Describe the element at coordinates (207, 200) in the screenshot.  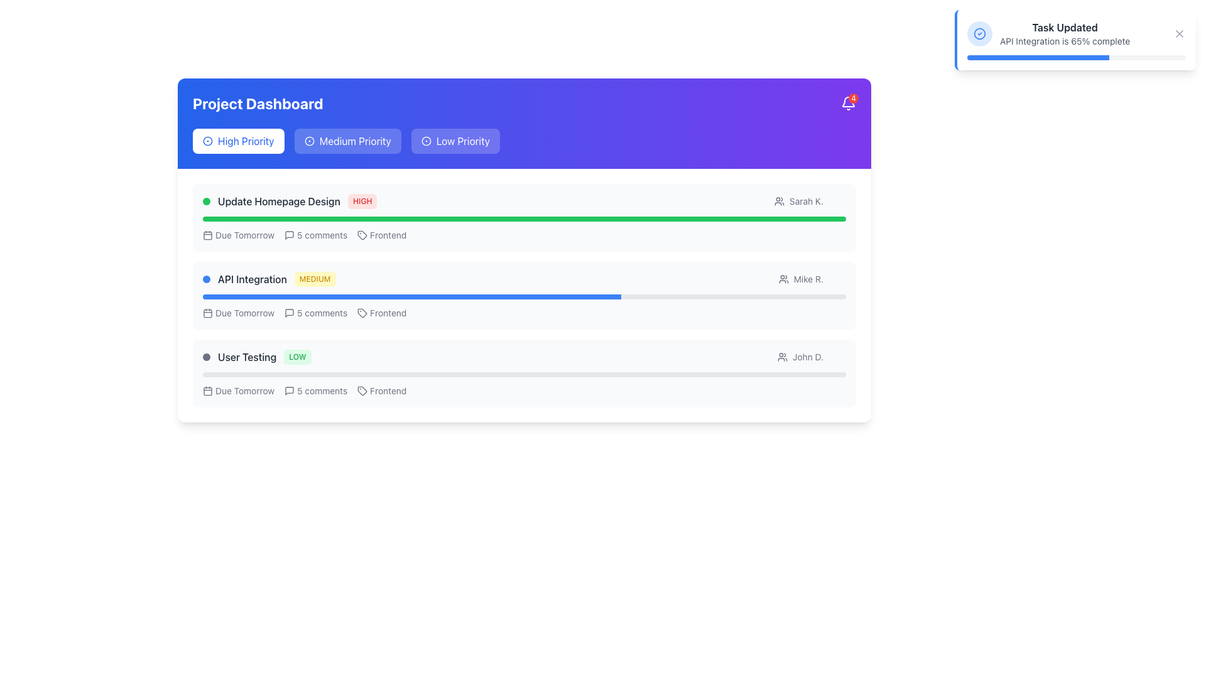
I see `the small circular icon with a vivid green background, located before the text 'Update Homepage Design' and the badge labeled 'HIGH'` at that location.